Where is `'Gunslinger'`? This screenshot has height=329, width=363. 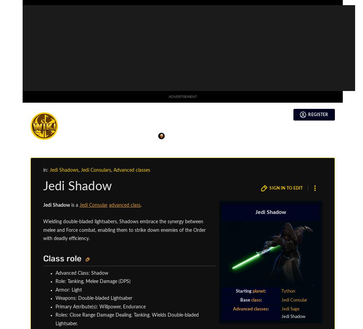
'Gunslinger' is located at coordinates (289, 50).